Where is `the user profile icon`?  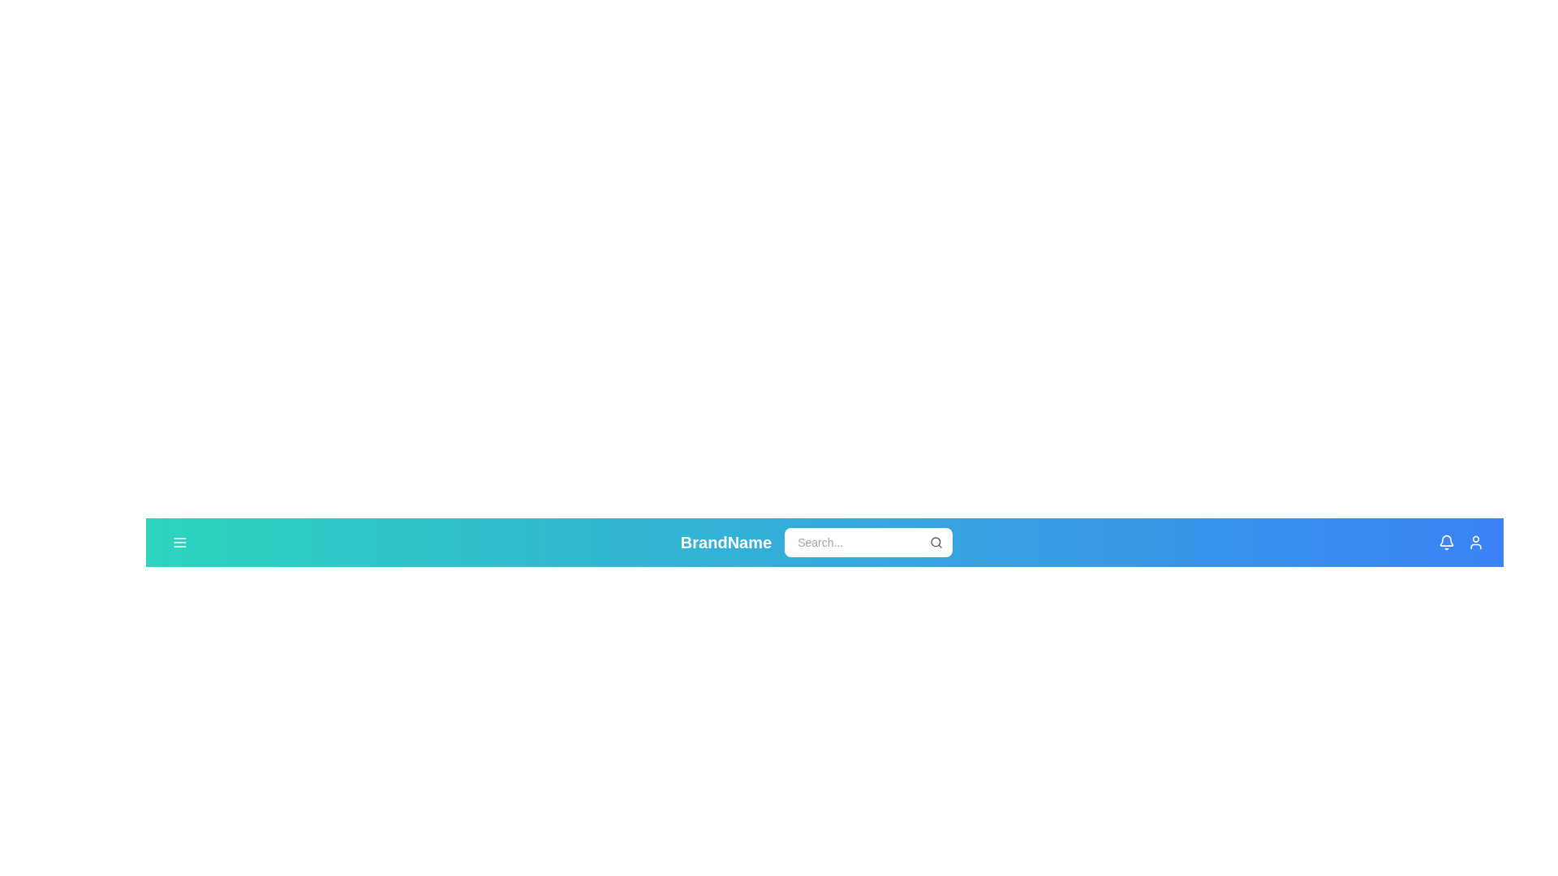
the user profile icon is located at coordinates (1476, 542).